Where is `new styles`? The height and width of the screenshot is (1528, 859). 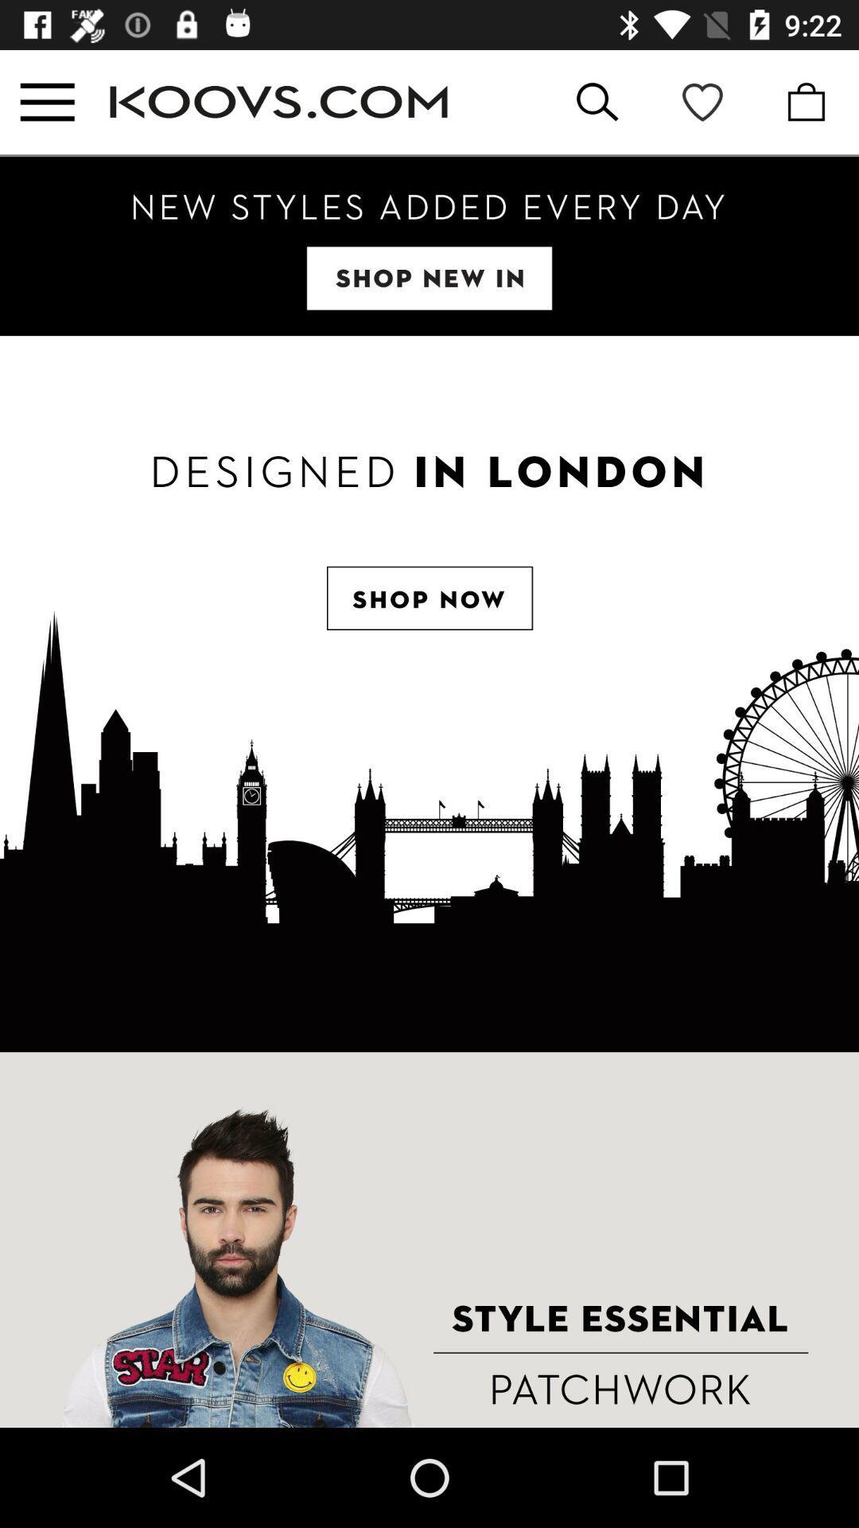
new styles is located at coordinates (429, 245).